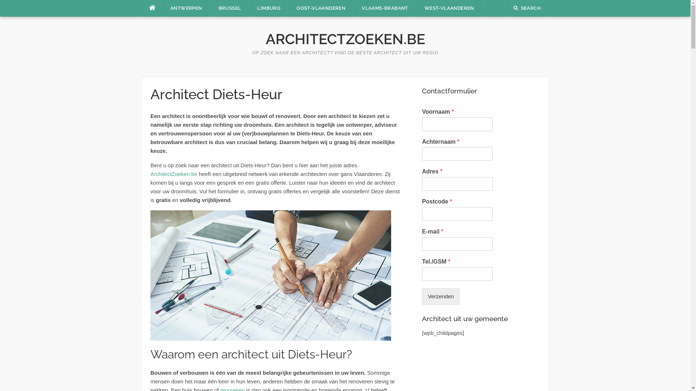  Describe the element at coordinates (344, 39) in the screenshot. I see `'ARCHITECTZOEKEN.BE'` at that location.